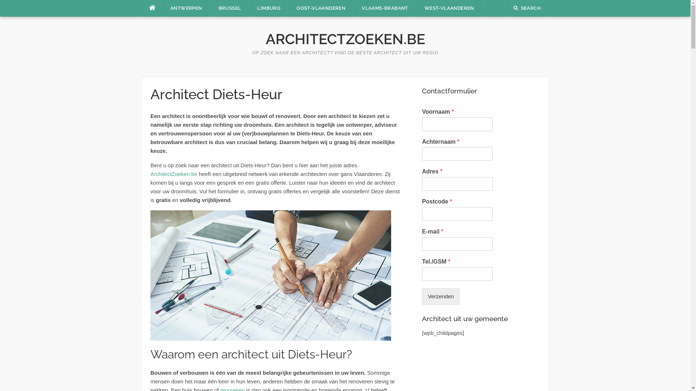  Describe the element at coordinates (344, 39) in the screenshot. I see `'ARCHITECTZOEKEN.BE'` at that location.